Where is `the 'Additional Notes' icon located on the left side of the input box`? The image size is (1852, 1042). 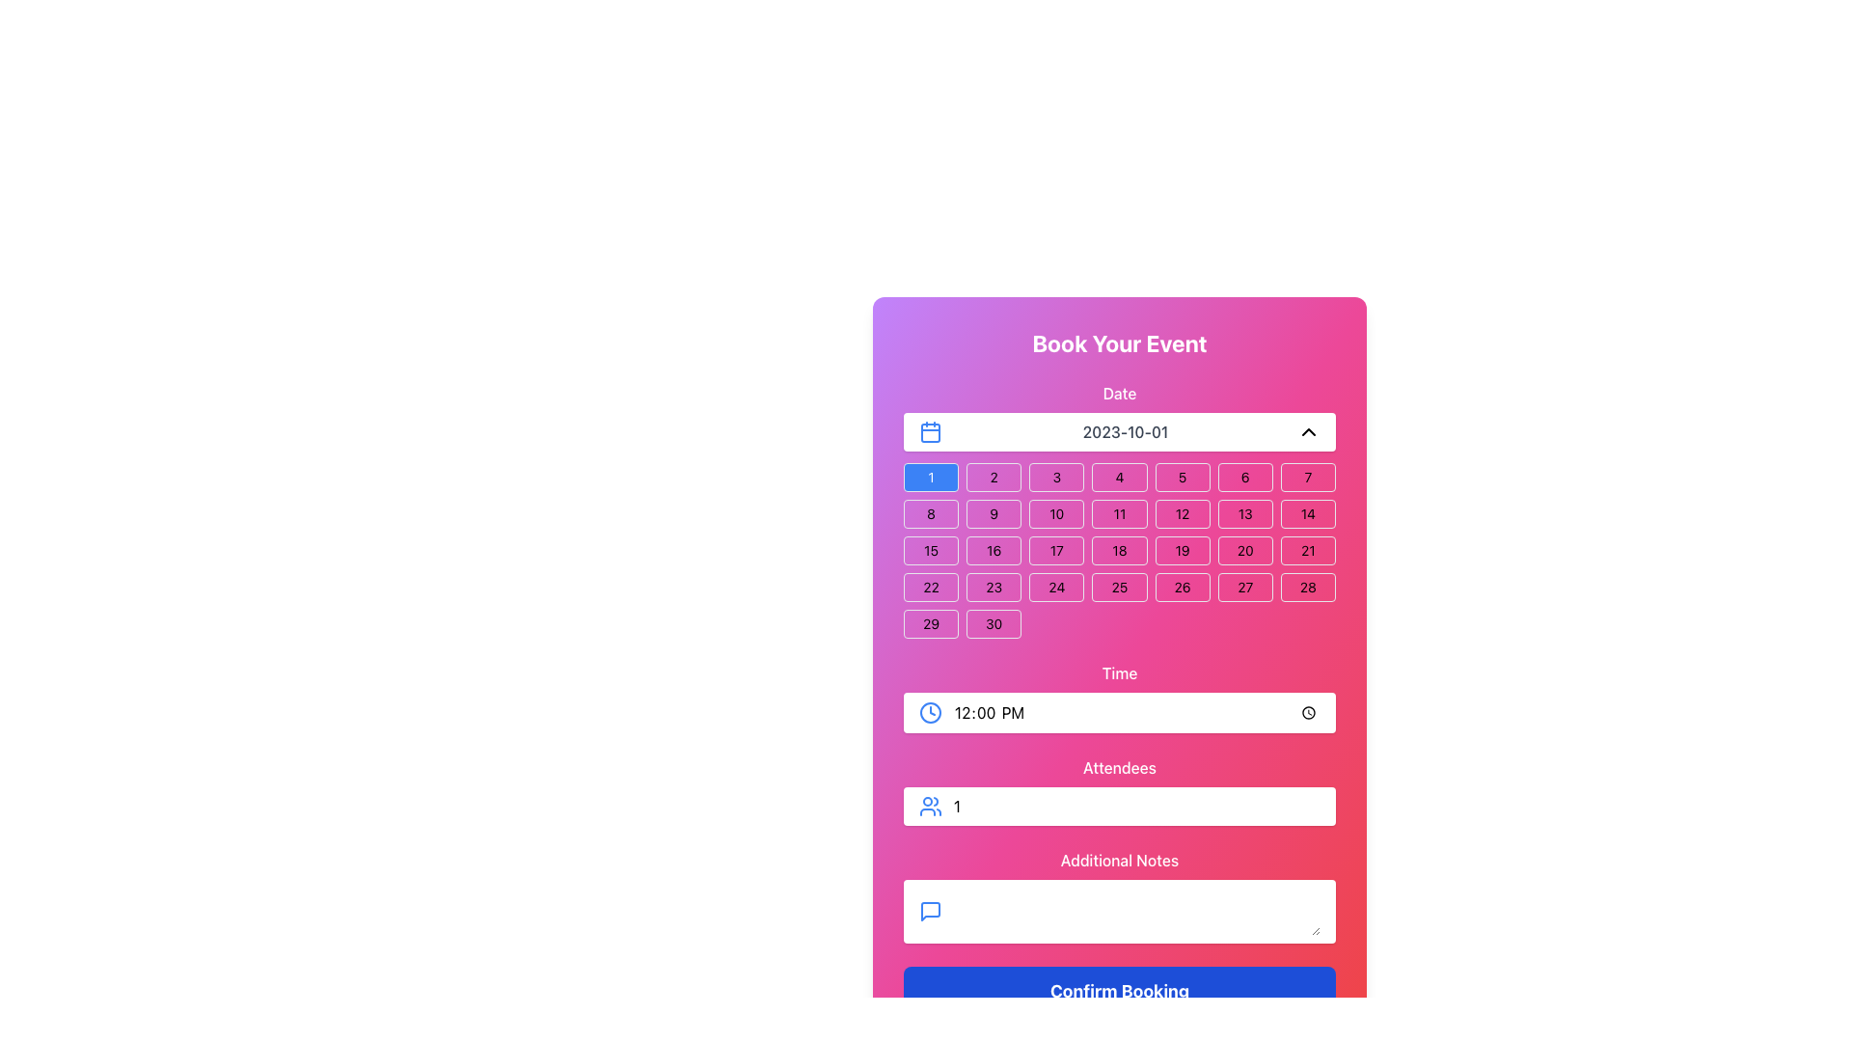
the 'Additional Notes' icon located on the left side of the input box is located at coordinates (930, 912).